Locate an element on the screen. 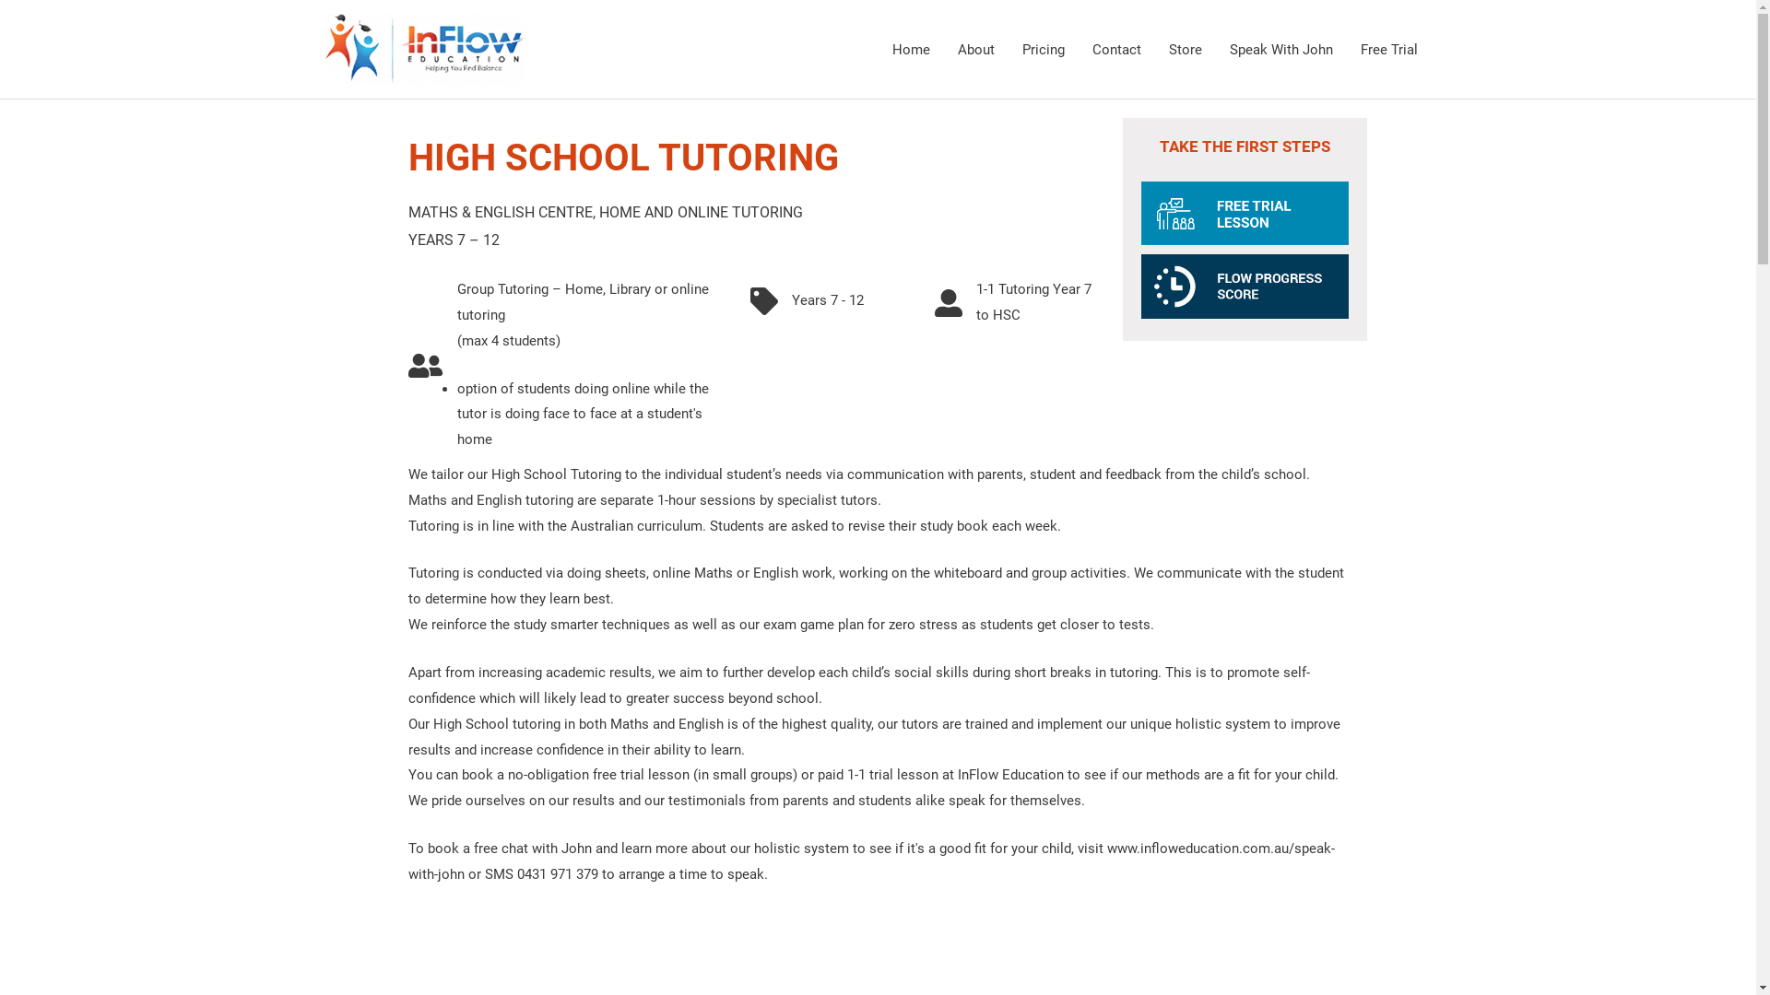 The height and width of the screenshot is (995, 1770). 'flow-progress-icon-1' is located at coordinates (1245, 287).